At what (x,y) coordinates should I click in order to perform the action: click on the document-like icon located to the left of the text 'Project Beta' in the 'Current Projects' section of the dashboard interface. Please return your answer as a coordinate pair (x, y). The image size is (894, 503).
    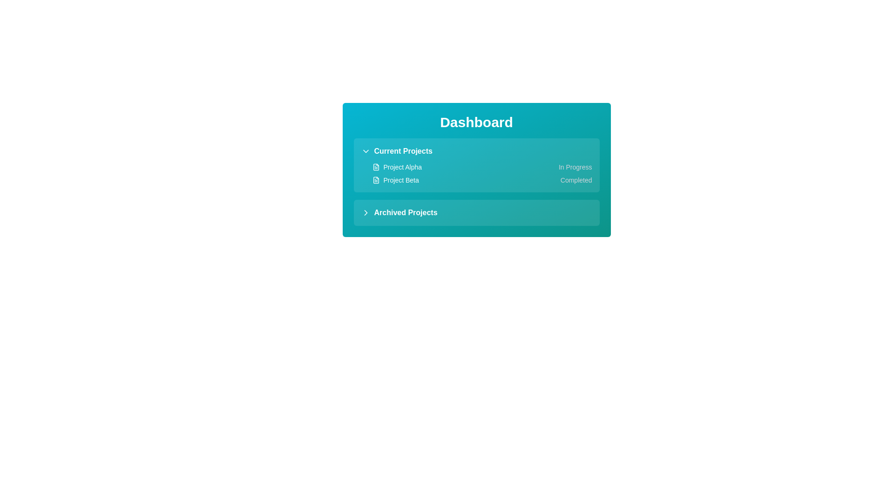
    Looking at the image, I should click on (376, 180).